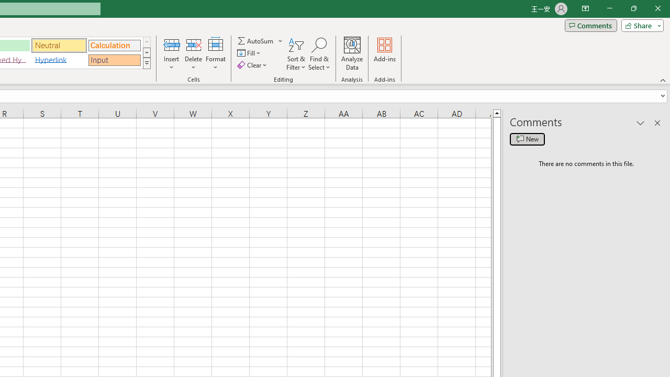  I want to click on 'Comments', so click(590, 25).